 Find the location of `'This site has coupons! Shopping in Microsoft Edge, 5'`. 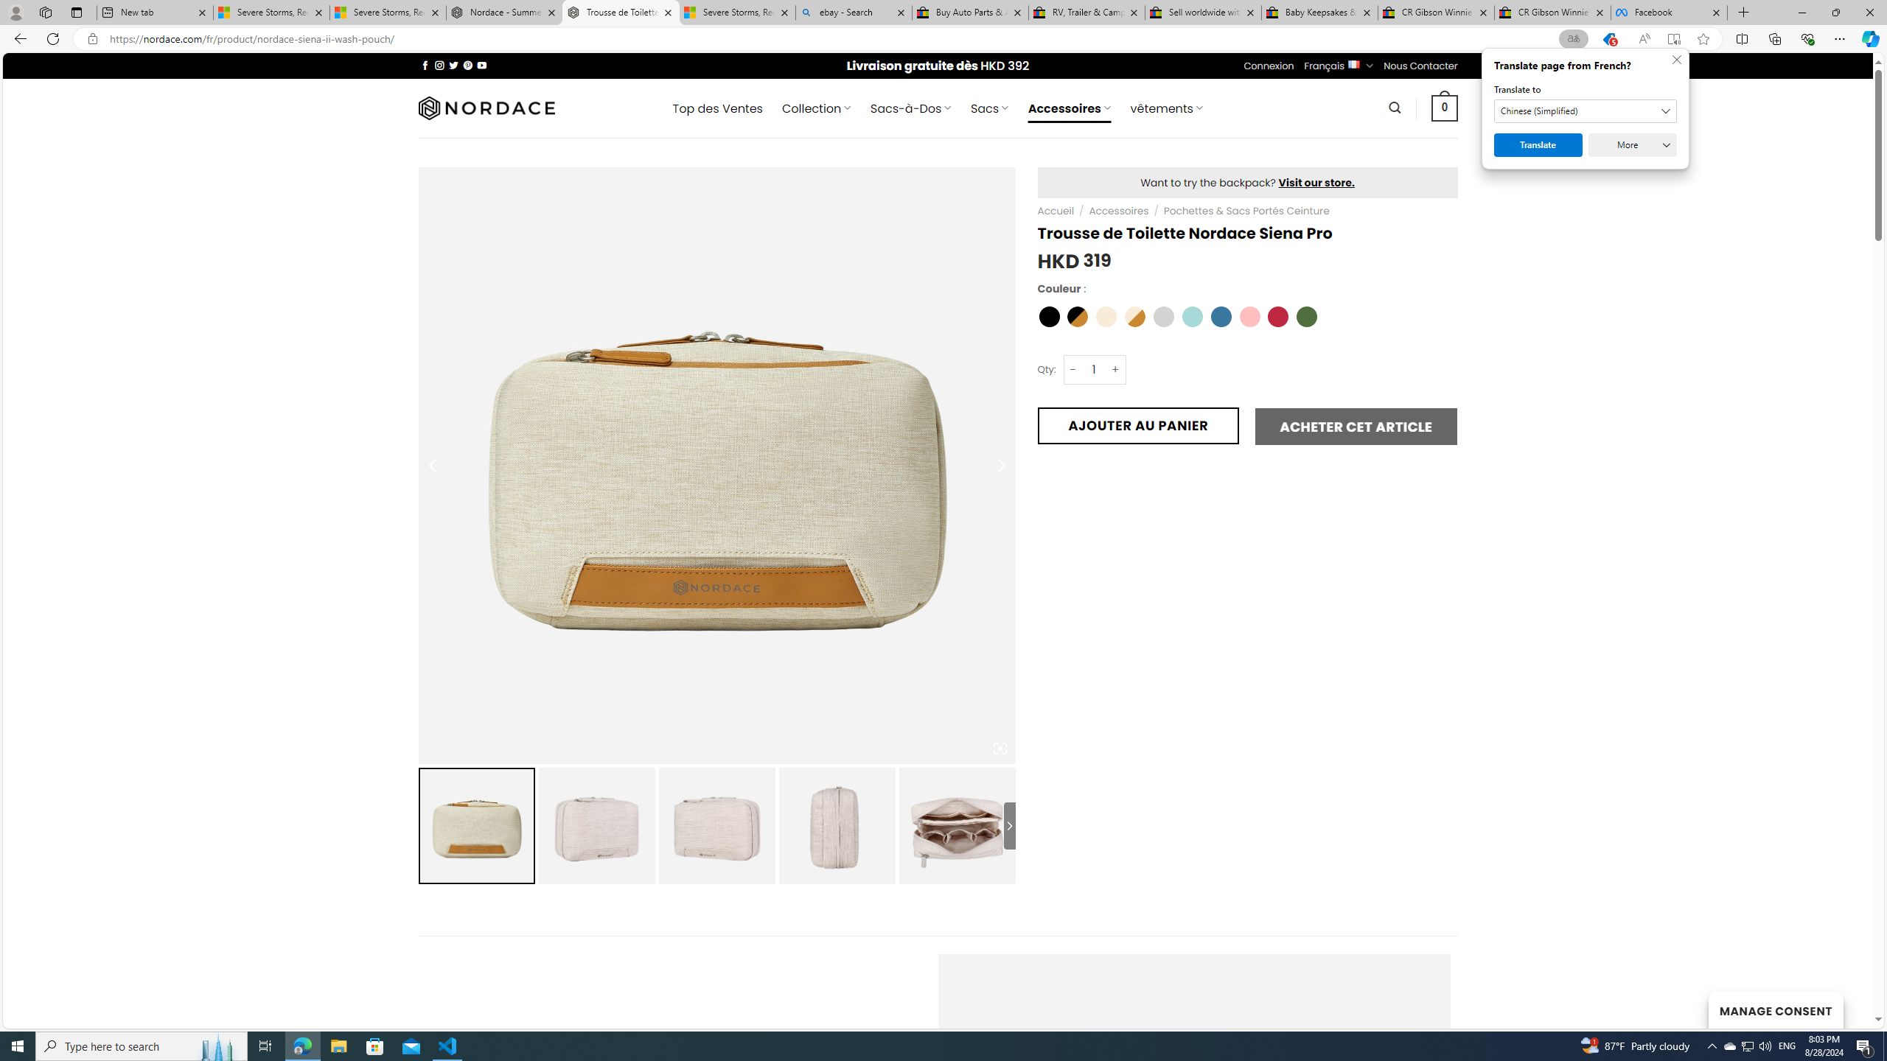

'This site has coupons! Shopping in Microsoft Edge, 5' is located at coordinates (1608, 39).